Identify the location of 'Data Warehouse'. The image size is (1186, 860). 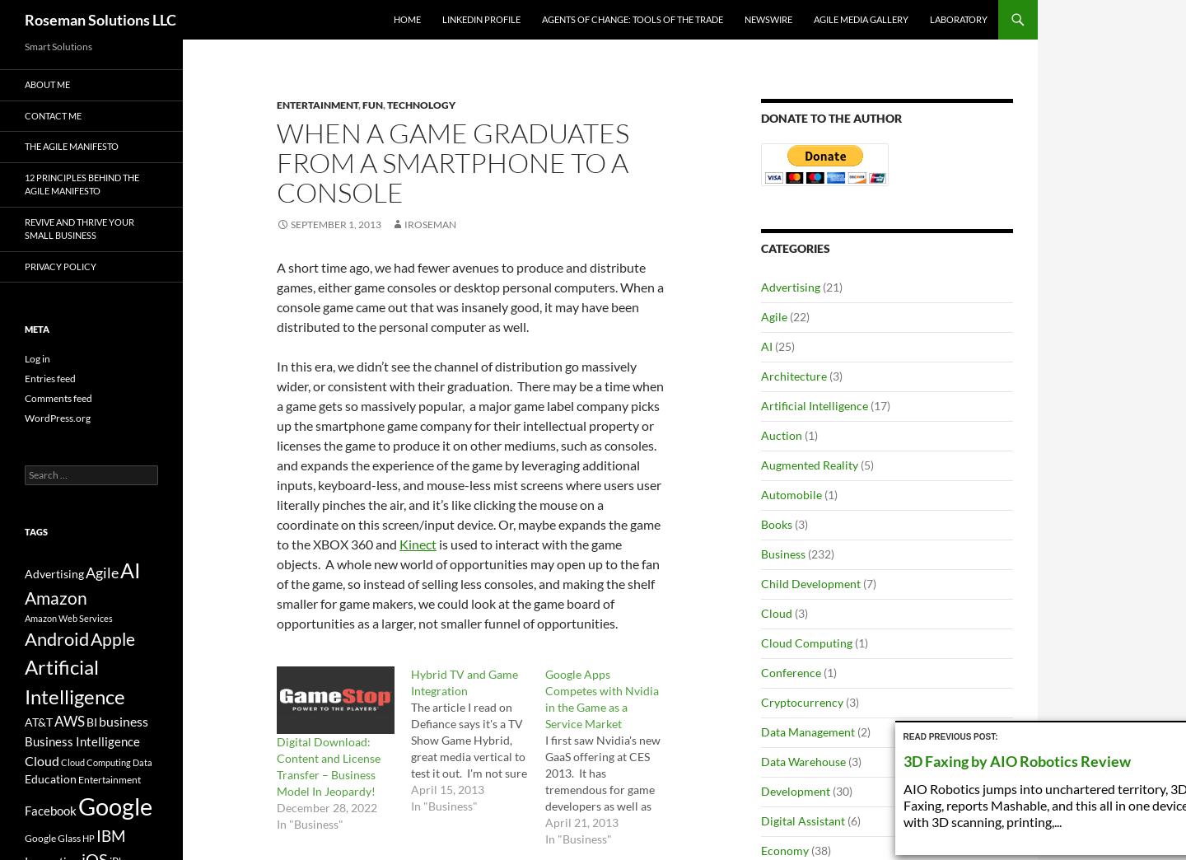
(802, 760).